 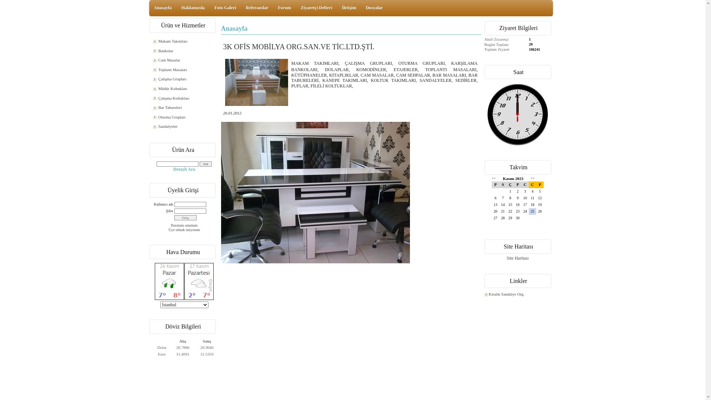 What do you see at coordinates (540, 211) in the screenshot?
I see `'26'` at bounding box center [540, 211].